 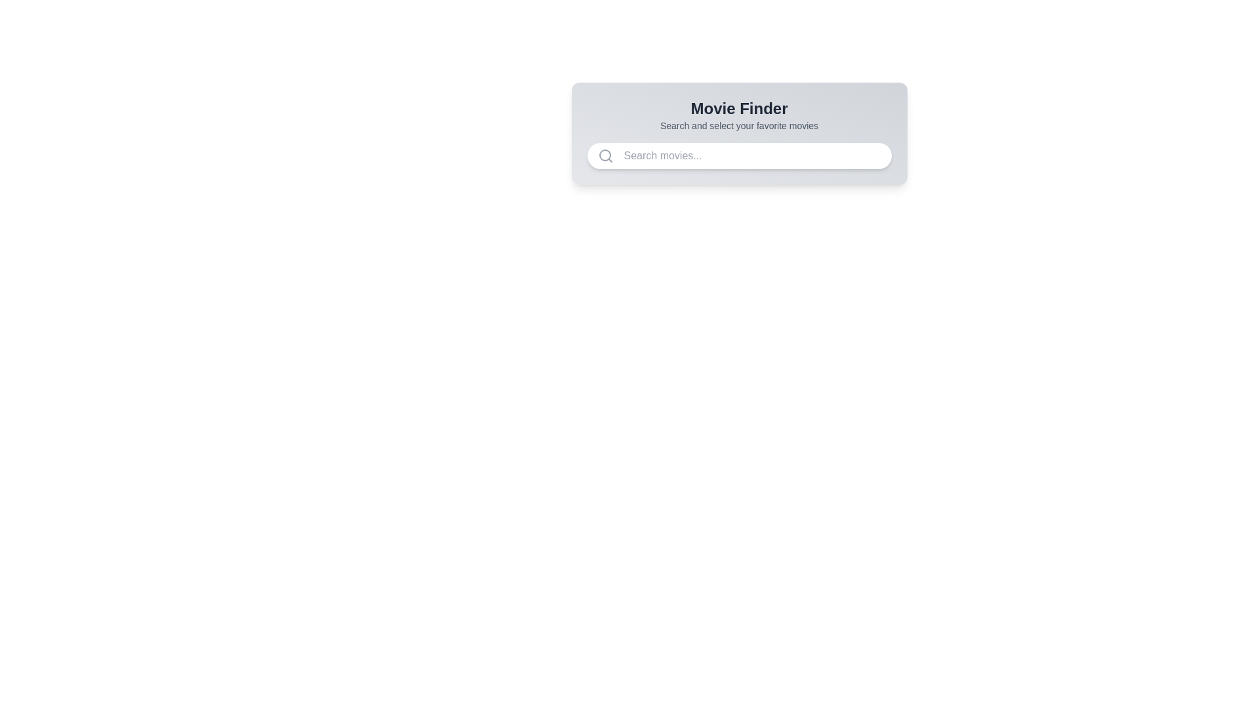 What do you see at coordinates (739, 108) in the screenshot?
I see `the non-interactive Text label element that displays the title 'Movie Finder', which is centrally aligned above the 'Search and select your favorite movies' text` at bounding box center [739, 108].